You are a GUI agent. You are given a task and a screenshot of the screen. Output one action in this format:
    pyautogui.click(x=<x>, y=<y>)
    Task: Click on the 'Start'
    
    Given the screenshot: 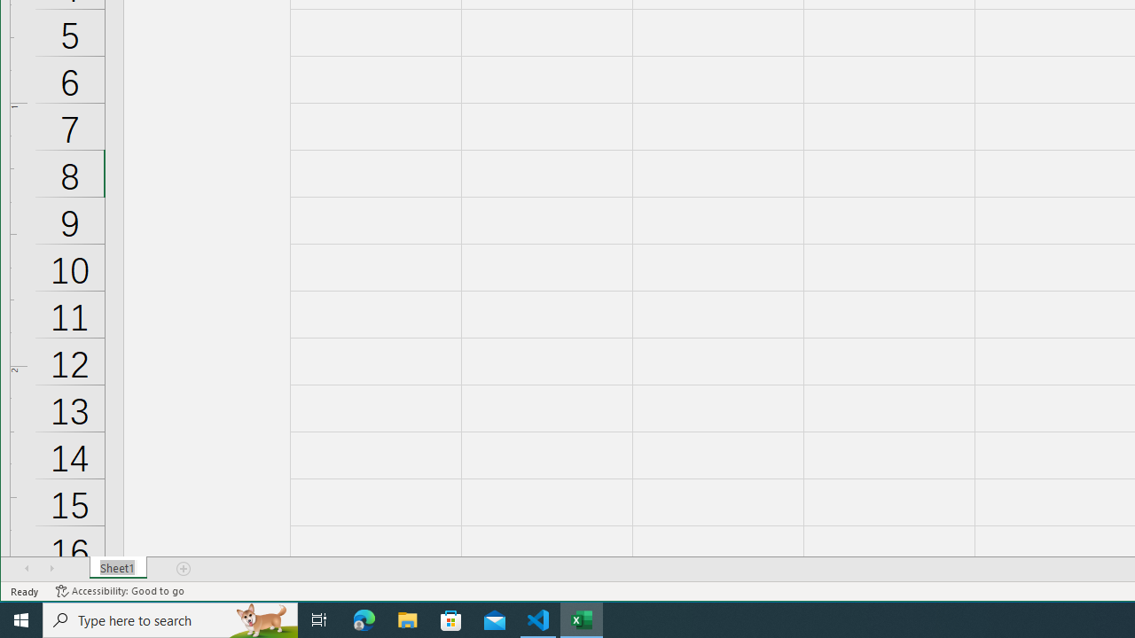 What is the action you would take?
    pyautogui.click(x=21, y=619)
    